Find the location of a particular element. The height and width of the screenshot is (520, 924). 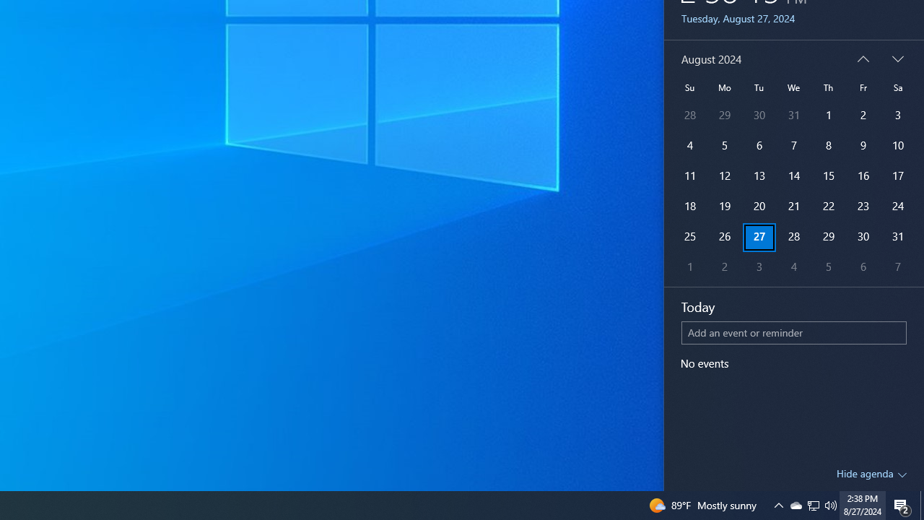

'25' is located at coordinates (689, 237).